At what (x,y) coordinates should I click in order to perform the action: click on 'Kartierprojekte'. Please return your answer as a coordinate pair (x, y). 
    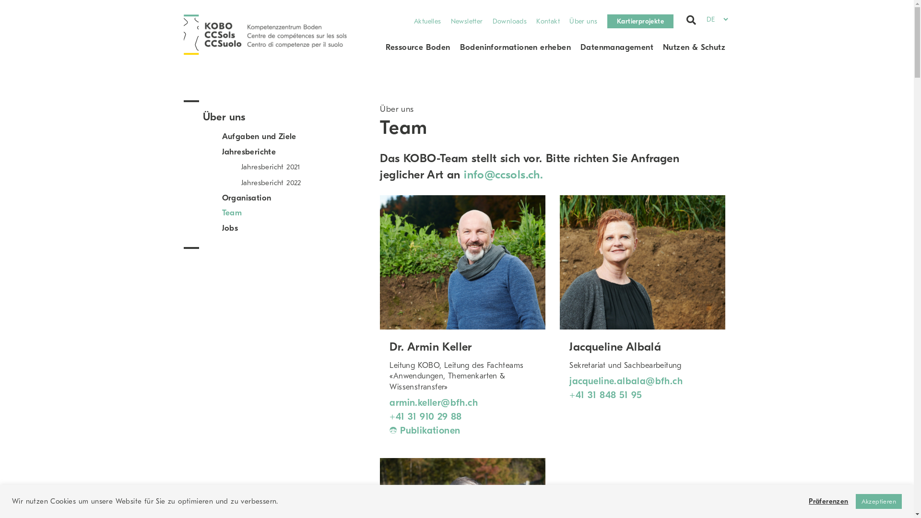
    Looking at the image, I should click on (640, 21).